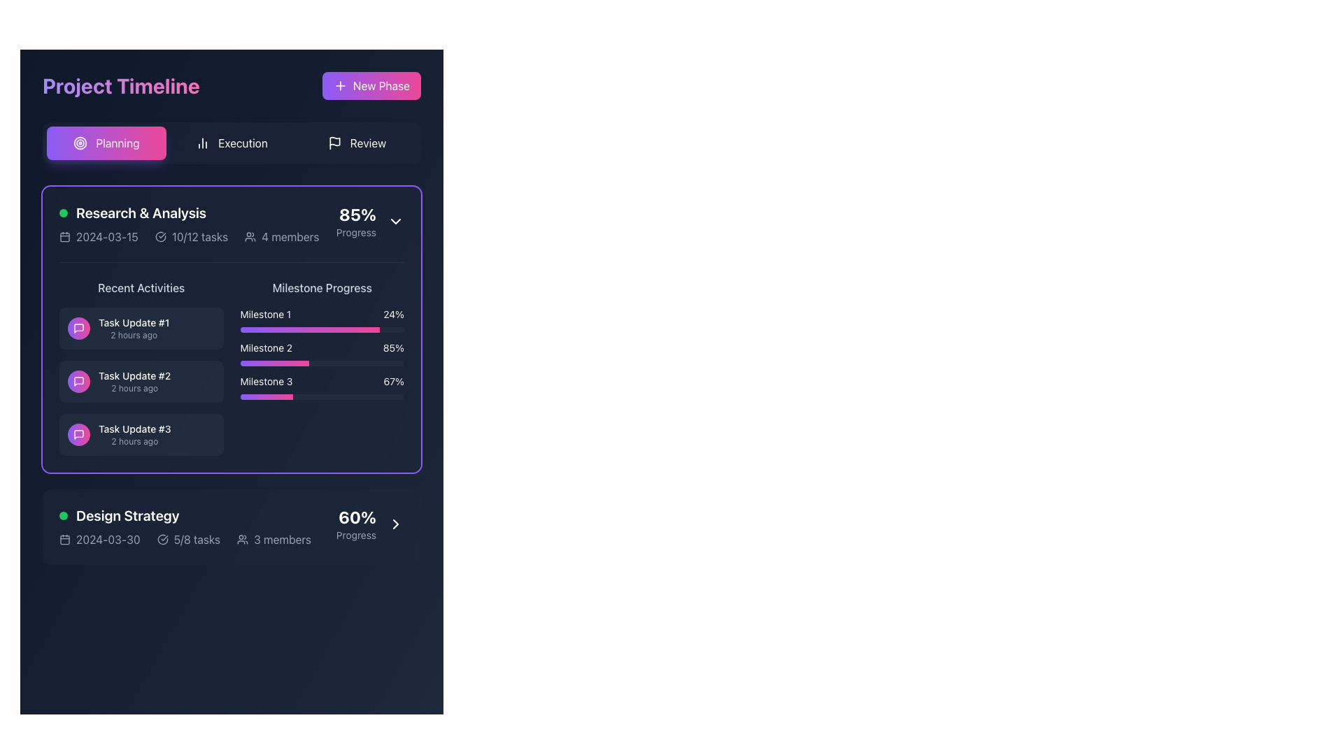 Image resolution: width=1343 pixels, height=755 pixels. Describe the element at coordinates (232, 143) in the screenshot. I see `the 'Execution' button in the tab navigation system to trigger hover effects` at that location.